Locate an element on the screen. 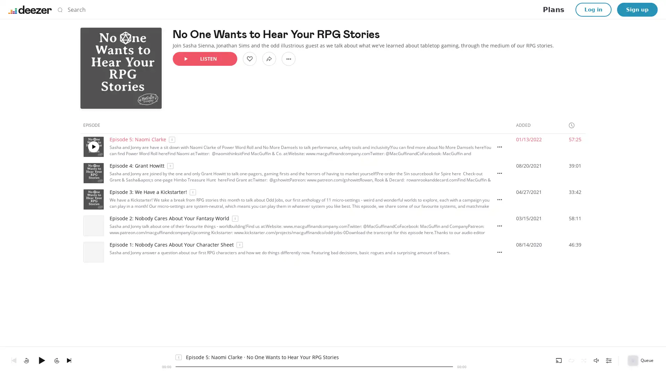  Add is located at coordinates (250, 58).